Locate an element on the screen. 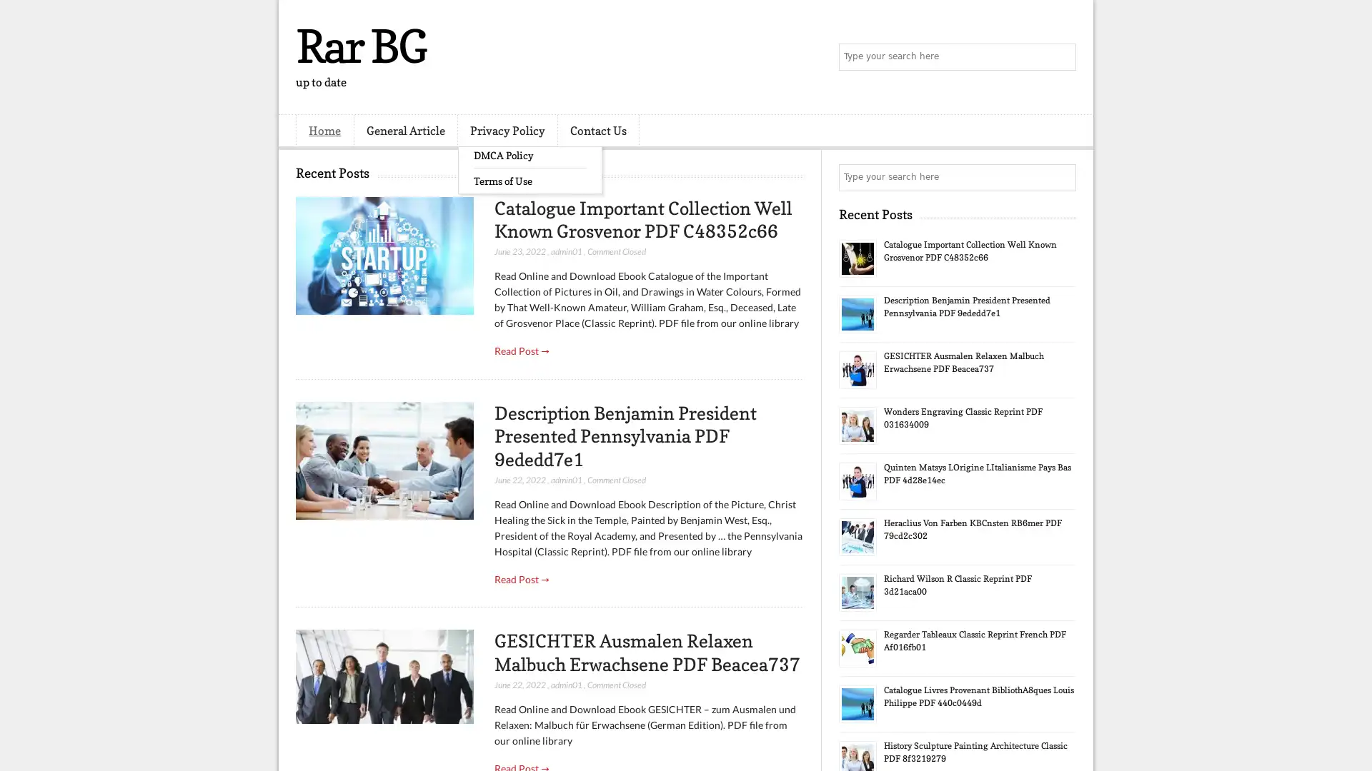 This screenshot has width=1372, height=771. Search is located at coordinates (1061, 177).